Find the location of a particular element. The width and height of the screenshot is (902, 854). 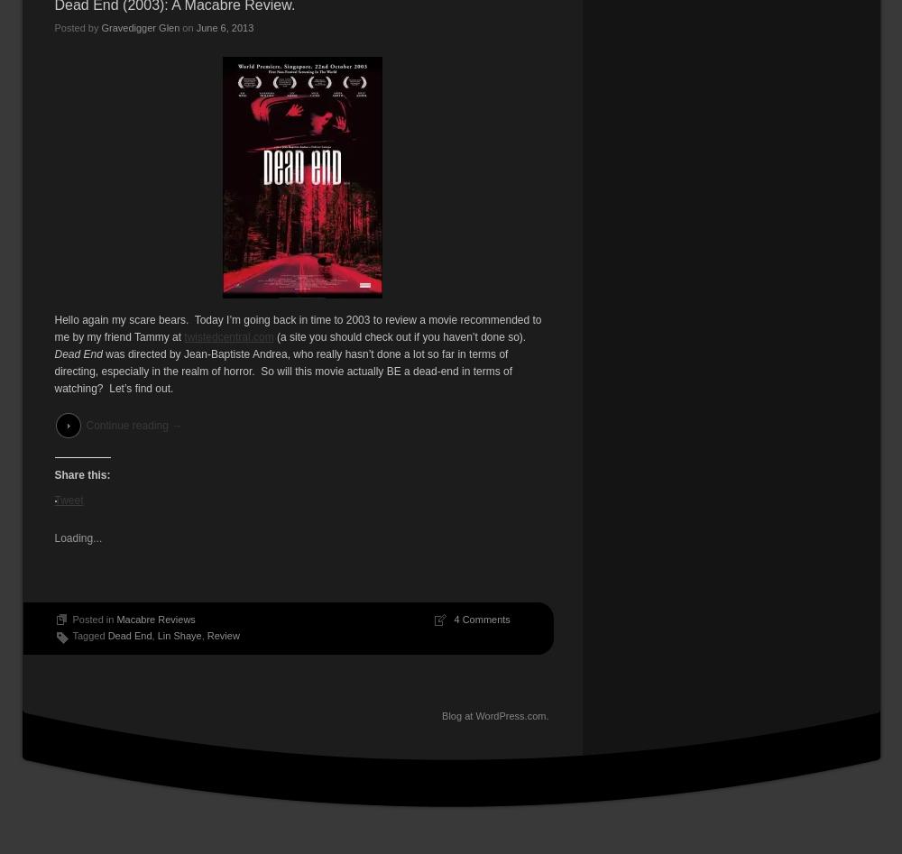

'Share this:' is located at coordinates (81, 473).